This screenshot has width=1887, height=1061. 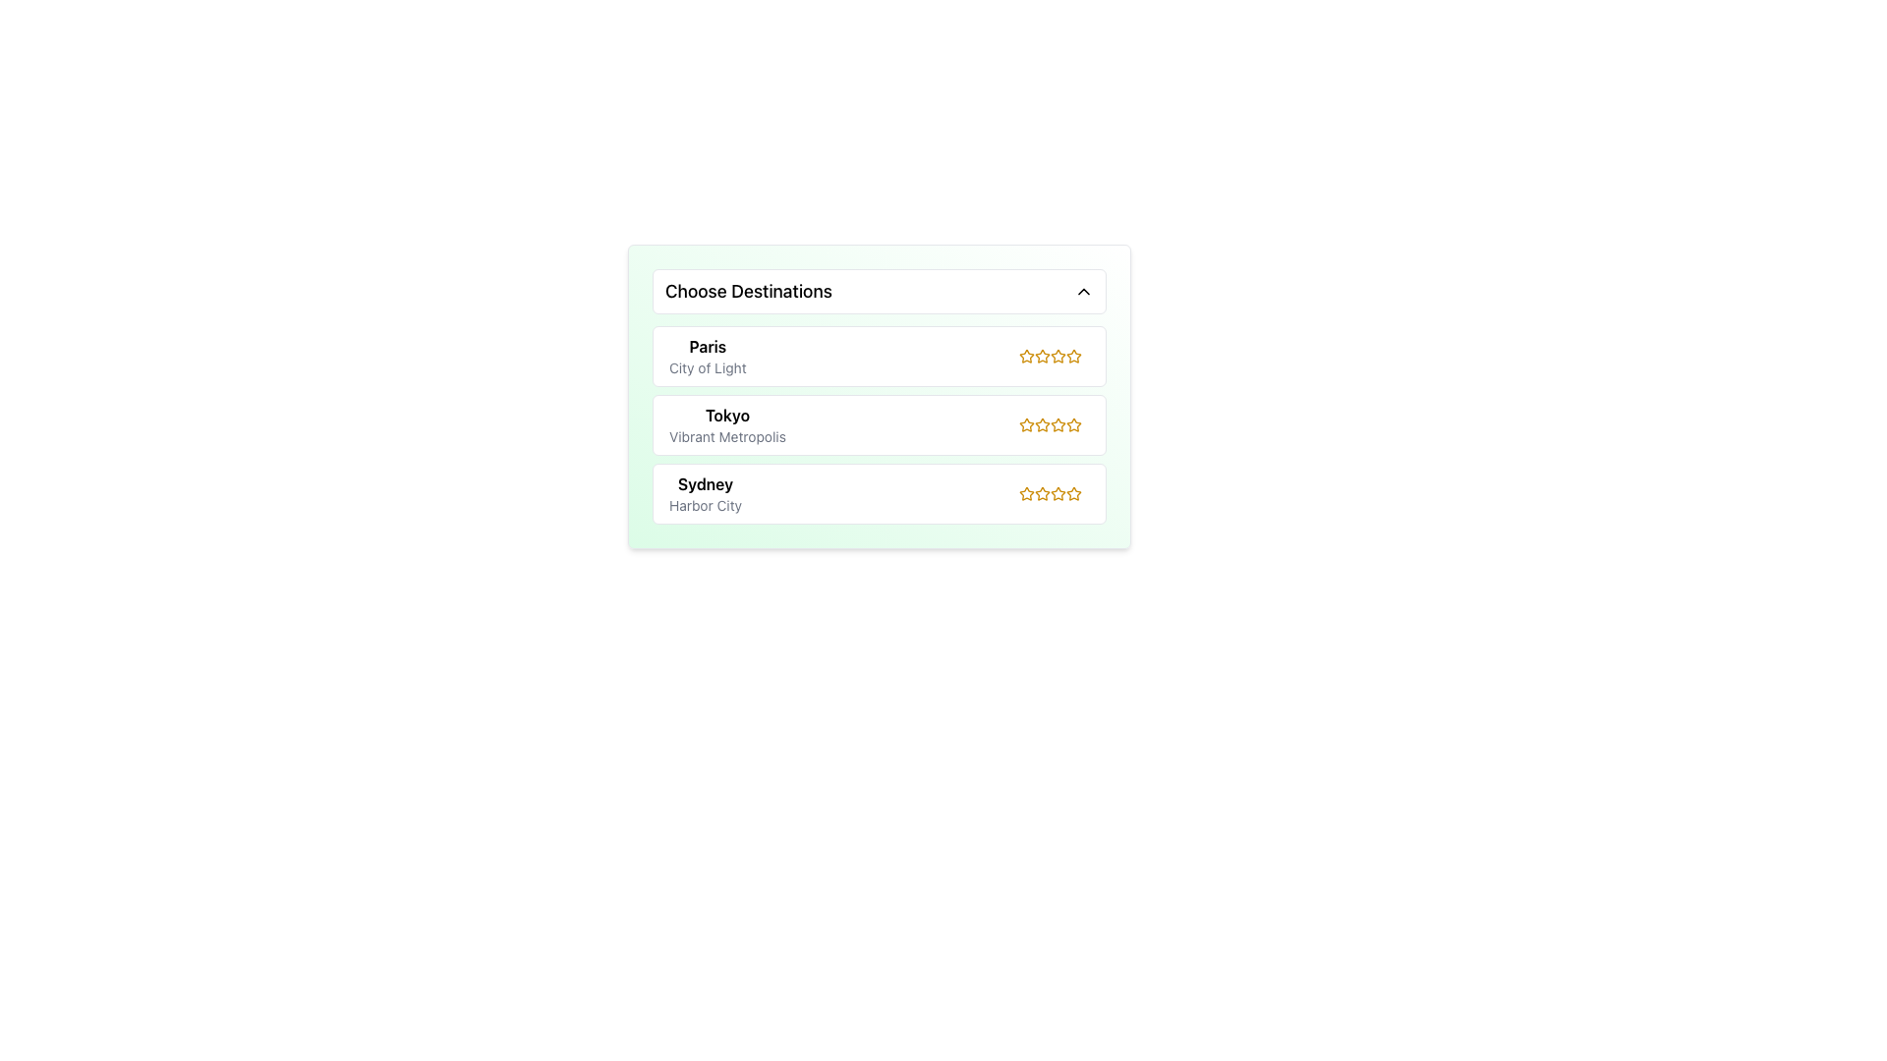 I want to click on the leftmost star icon in the rating system for 'Sydney', so click(x=1026, y=492).